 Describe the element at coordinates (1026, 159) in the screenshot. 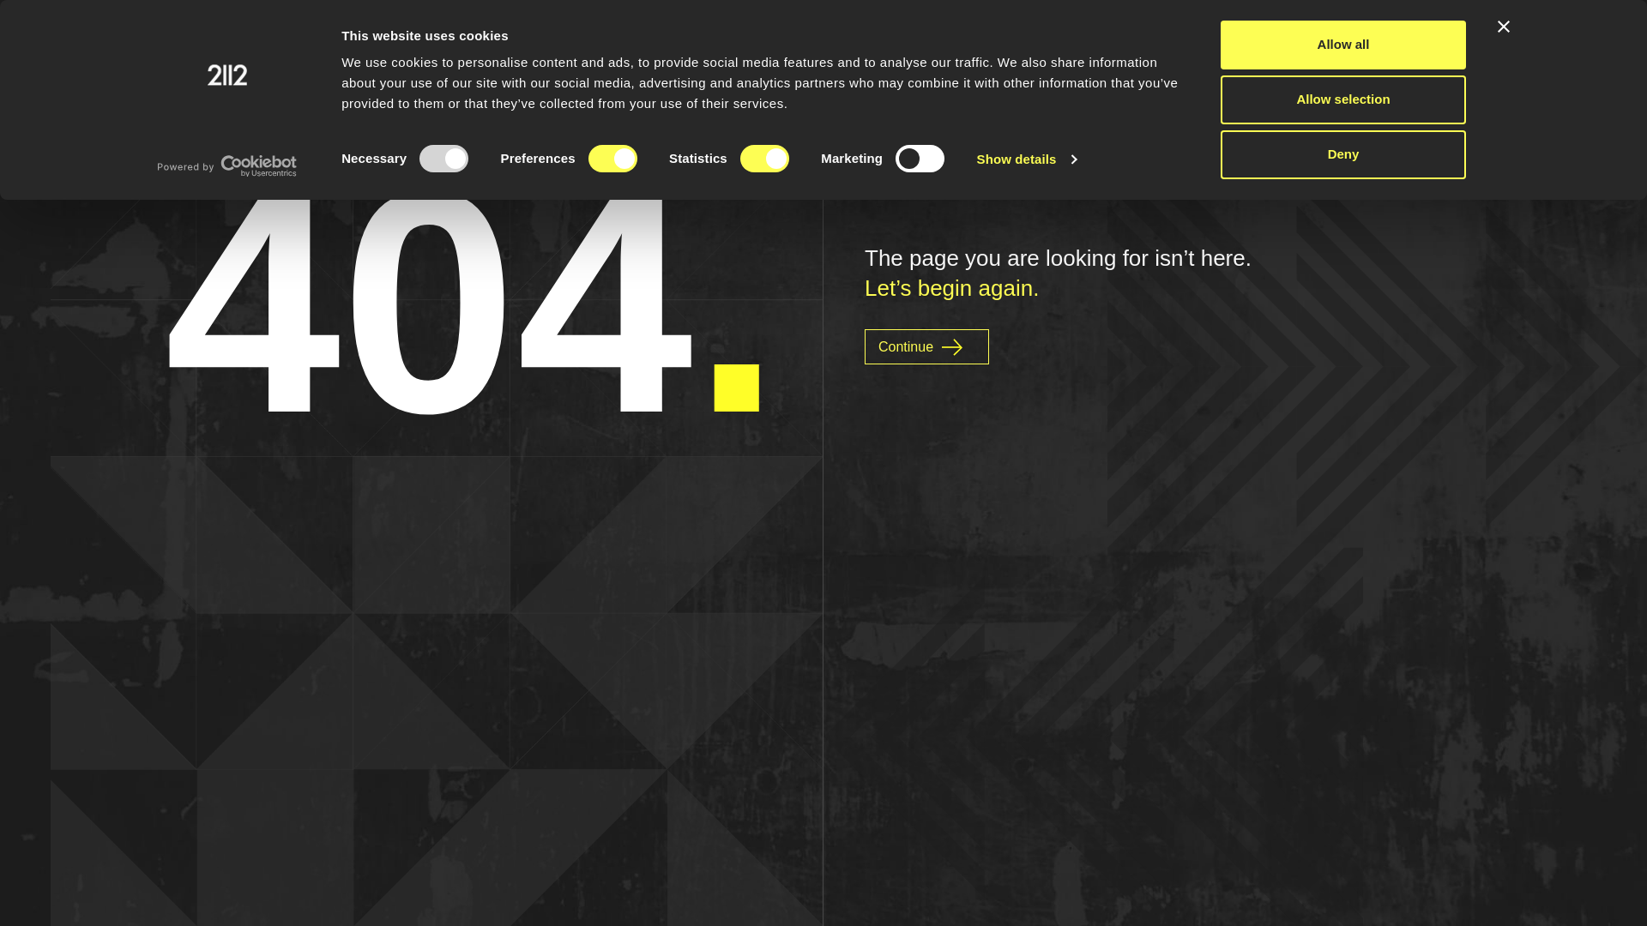

I see `'Show details'` at that location.